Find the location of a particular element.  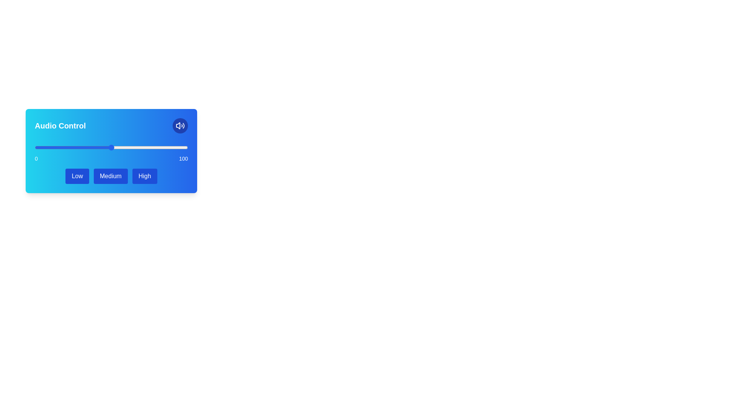

the audio volume is located at coordinates (142, 147).